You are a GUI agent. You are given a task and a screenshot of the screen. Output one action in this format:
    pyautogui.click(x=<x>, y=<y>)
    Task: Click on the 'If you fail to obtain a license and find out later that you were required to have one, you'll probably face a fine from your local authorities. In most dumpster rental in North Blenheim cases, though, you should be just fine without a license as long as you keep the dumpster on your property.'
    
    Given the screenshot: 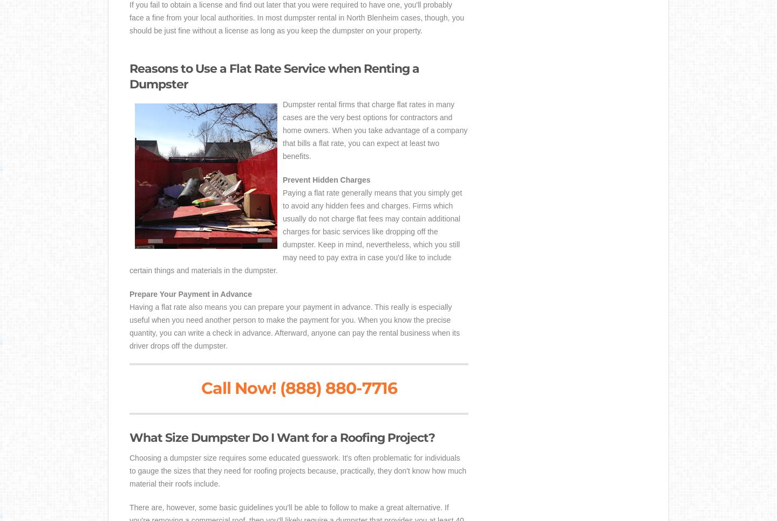 What is the action you would take?
    pyautogui.click(x=129, y=17)
    